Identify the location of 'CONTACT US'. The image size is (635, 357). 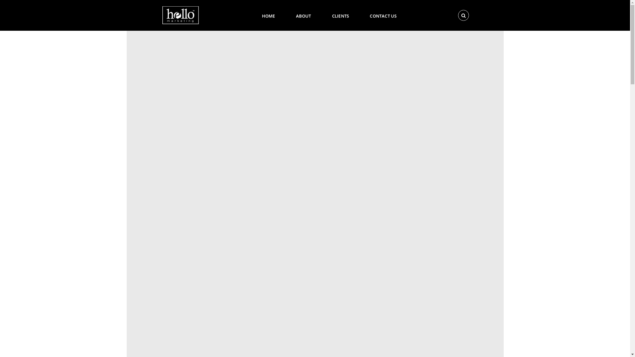
(361, 15).